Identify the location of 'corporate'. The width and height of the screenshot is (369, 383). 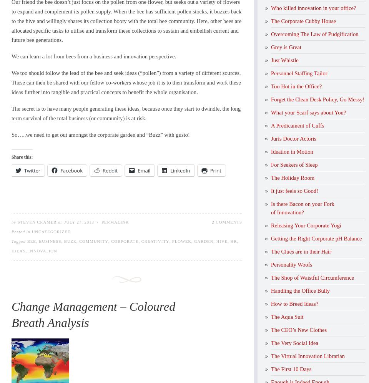
(125, 241).